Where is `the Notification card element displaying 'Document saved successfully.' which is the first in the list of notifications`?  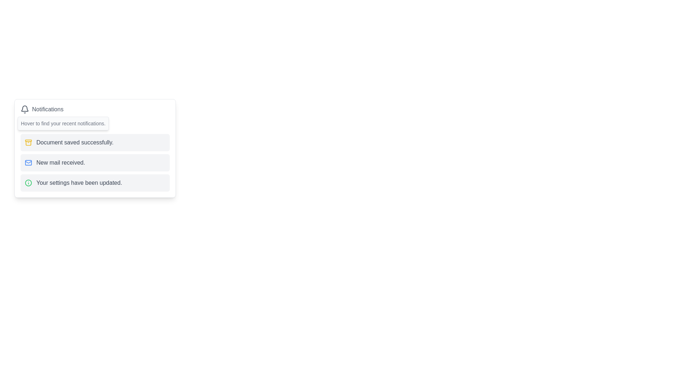 the Notification card element displaying 'Document saved successfully.' which is the first in the list of notifications is located at coordinates (95, 143).